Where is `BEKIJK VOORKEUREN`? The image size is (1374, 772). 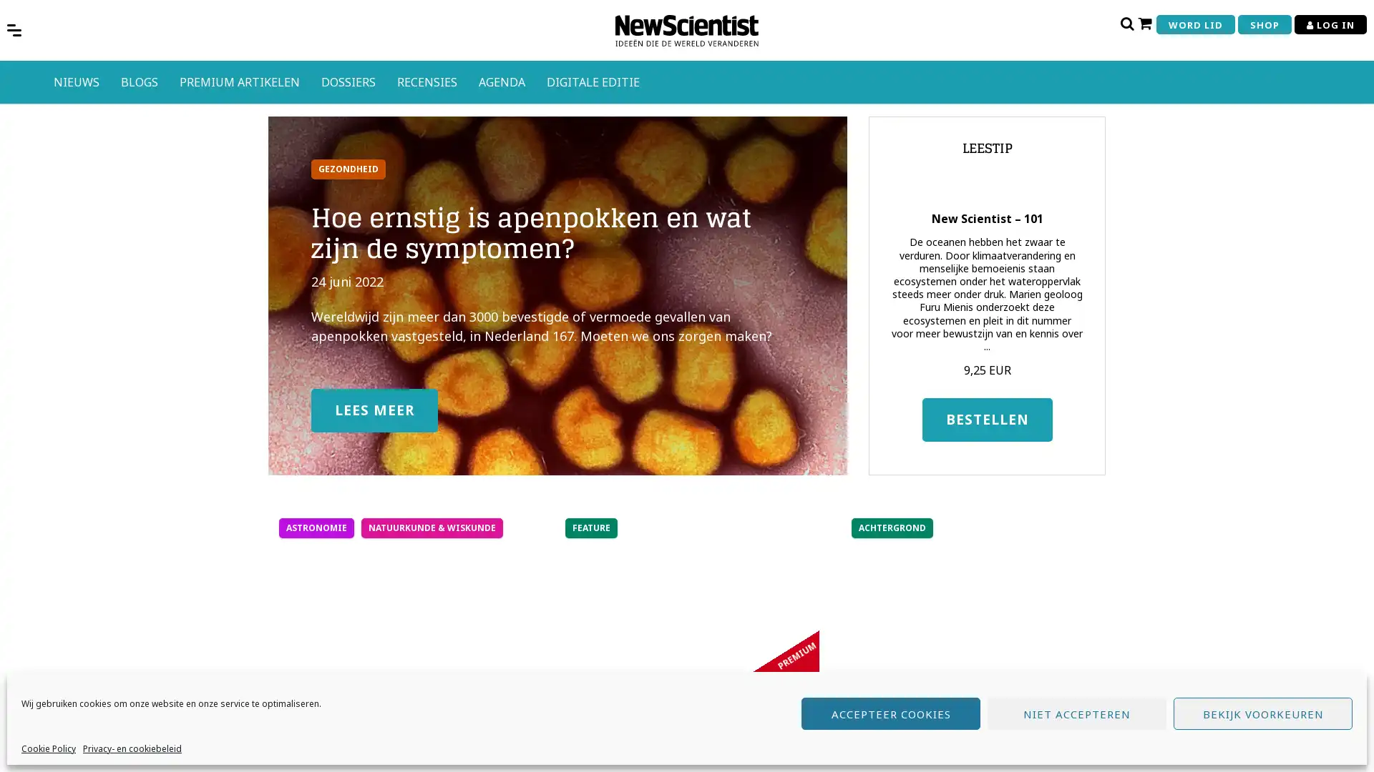
BEKIJK VOORKEUREN is located at coordinates (1263, 713).